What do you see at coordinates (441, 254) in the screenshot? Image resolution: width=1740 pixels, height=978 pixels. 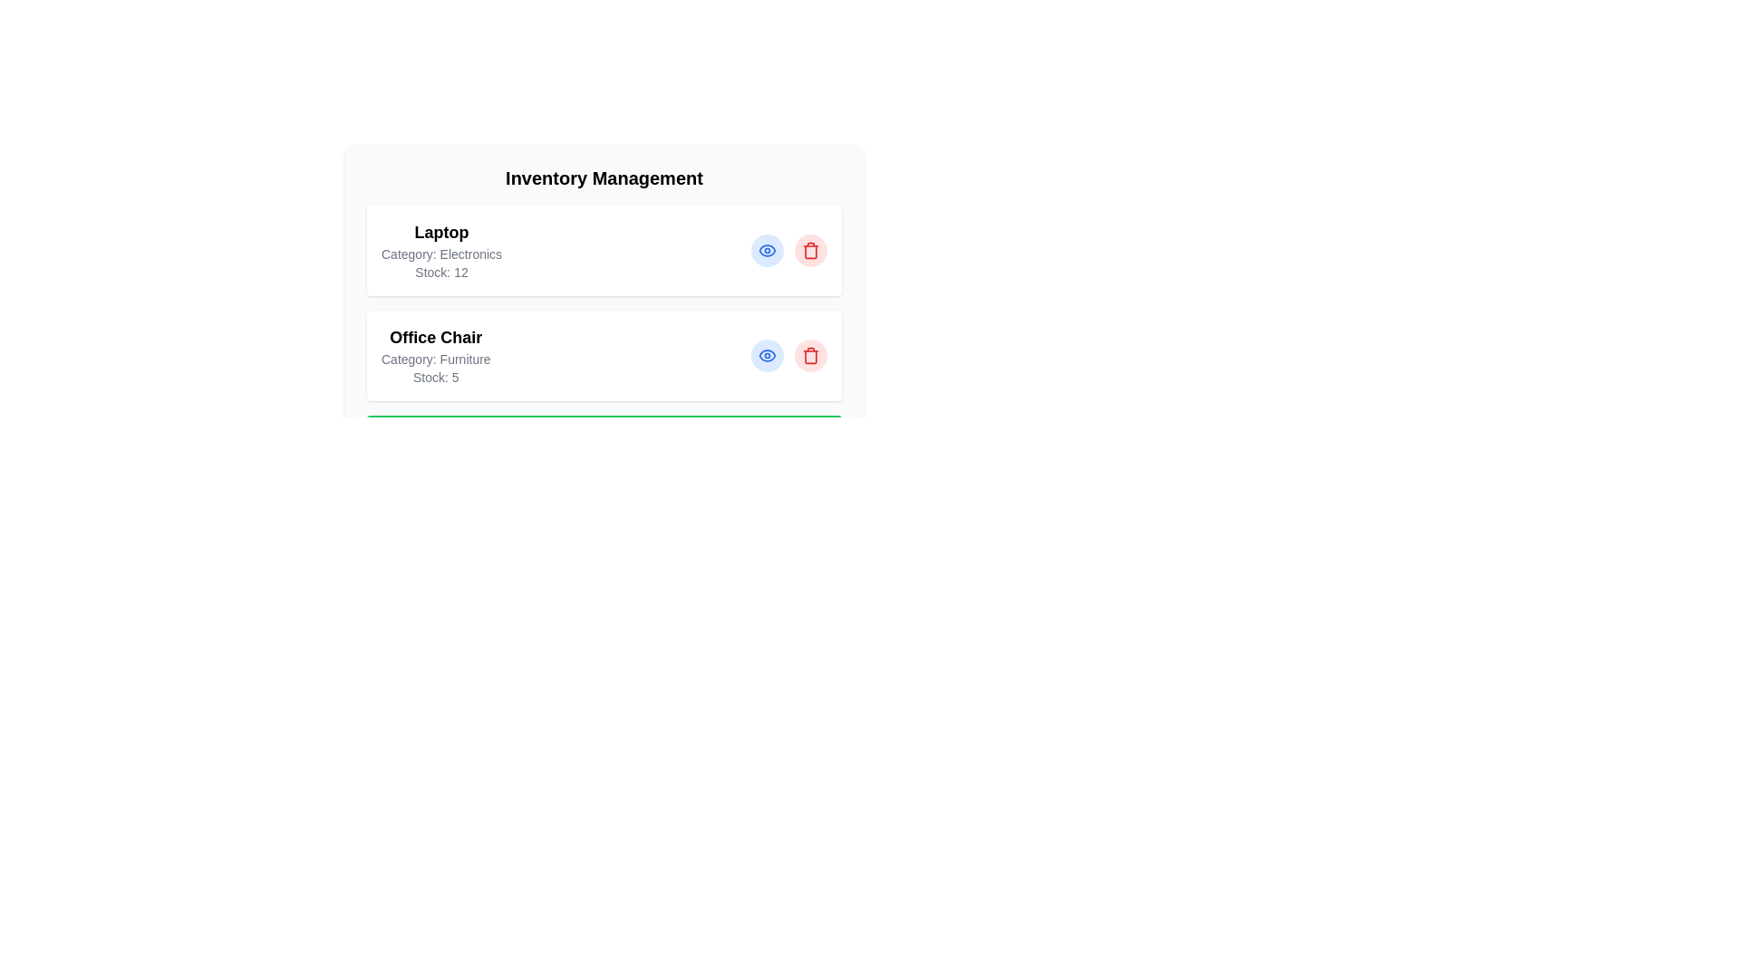 I see `the text Category: Electronics within the component` at bounding box center [441, 254].